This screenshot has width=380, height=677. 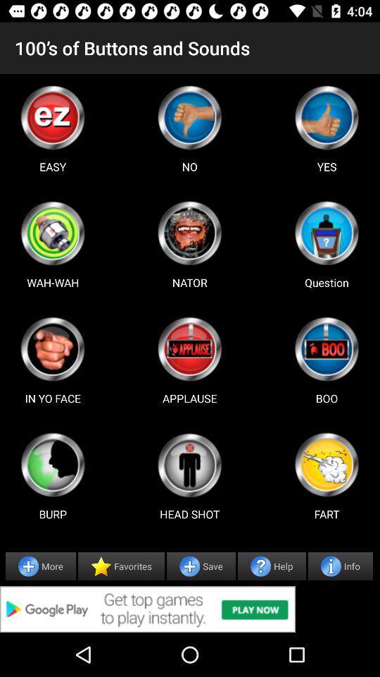 I want to click on go applause, so click(x=189, y=348).